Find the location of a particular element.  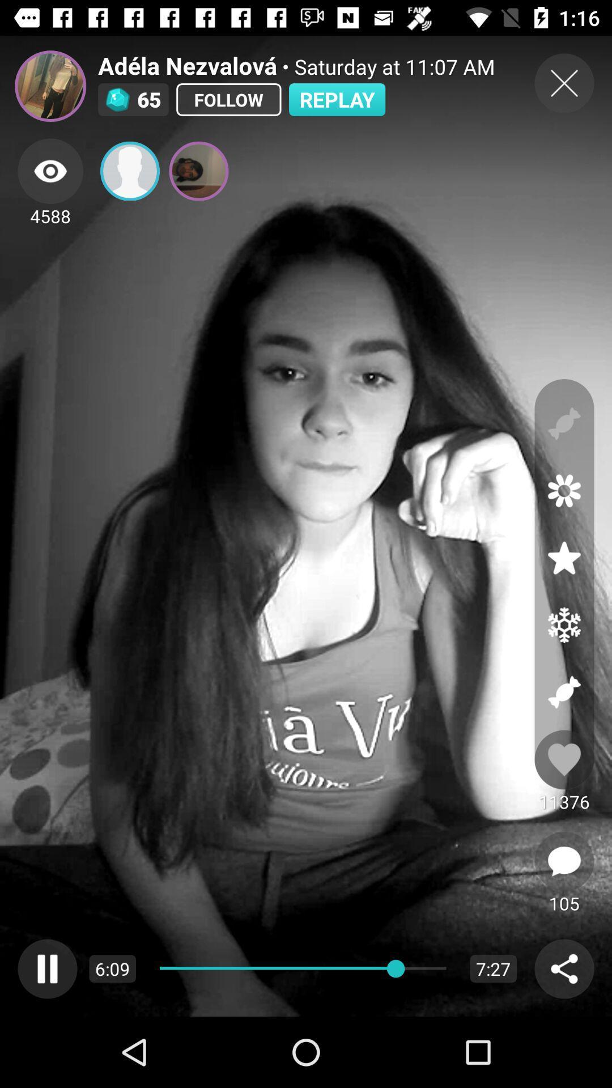

viewers is located at coordinates (50, 171).